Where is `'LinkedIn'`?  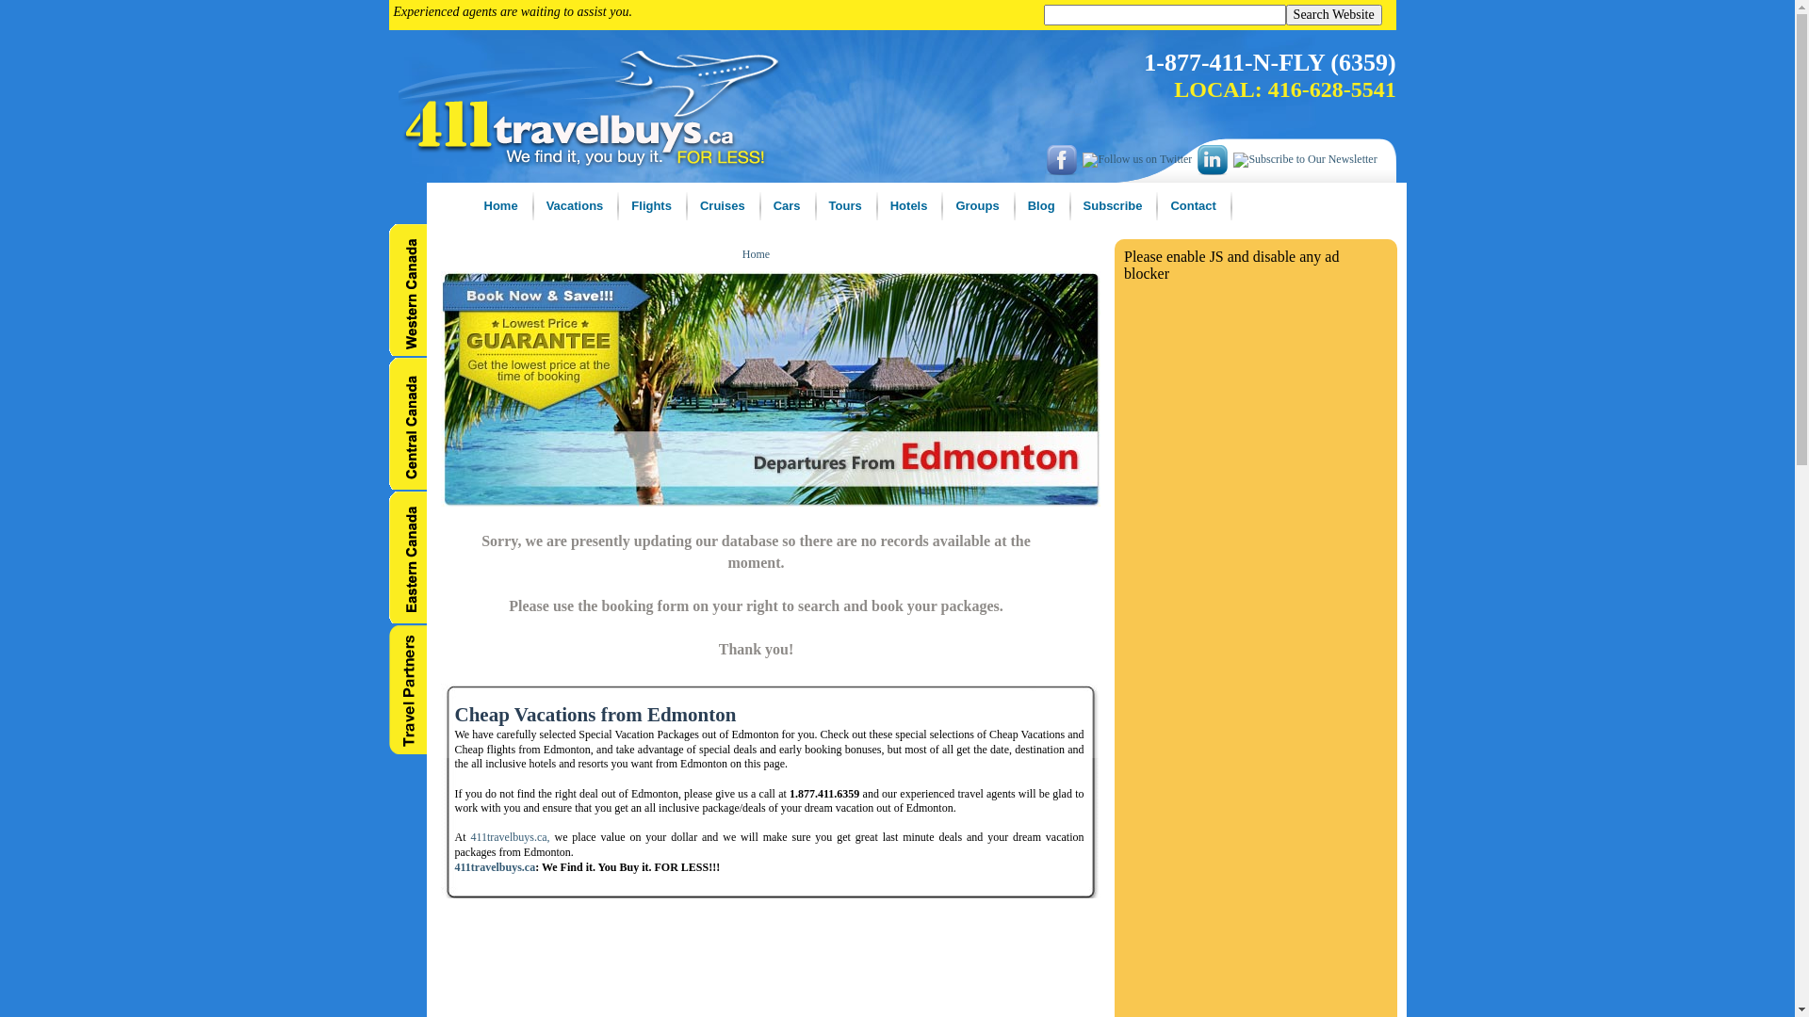
'LinkedIn' is located at coordinates (1215, 158).